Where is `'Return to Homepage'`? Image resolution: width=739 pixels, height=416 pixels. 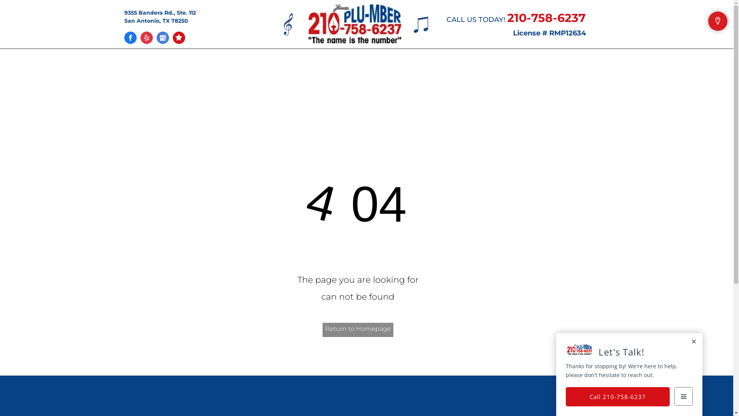 'Return to Homepage' is located at coordinates (358, 329).